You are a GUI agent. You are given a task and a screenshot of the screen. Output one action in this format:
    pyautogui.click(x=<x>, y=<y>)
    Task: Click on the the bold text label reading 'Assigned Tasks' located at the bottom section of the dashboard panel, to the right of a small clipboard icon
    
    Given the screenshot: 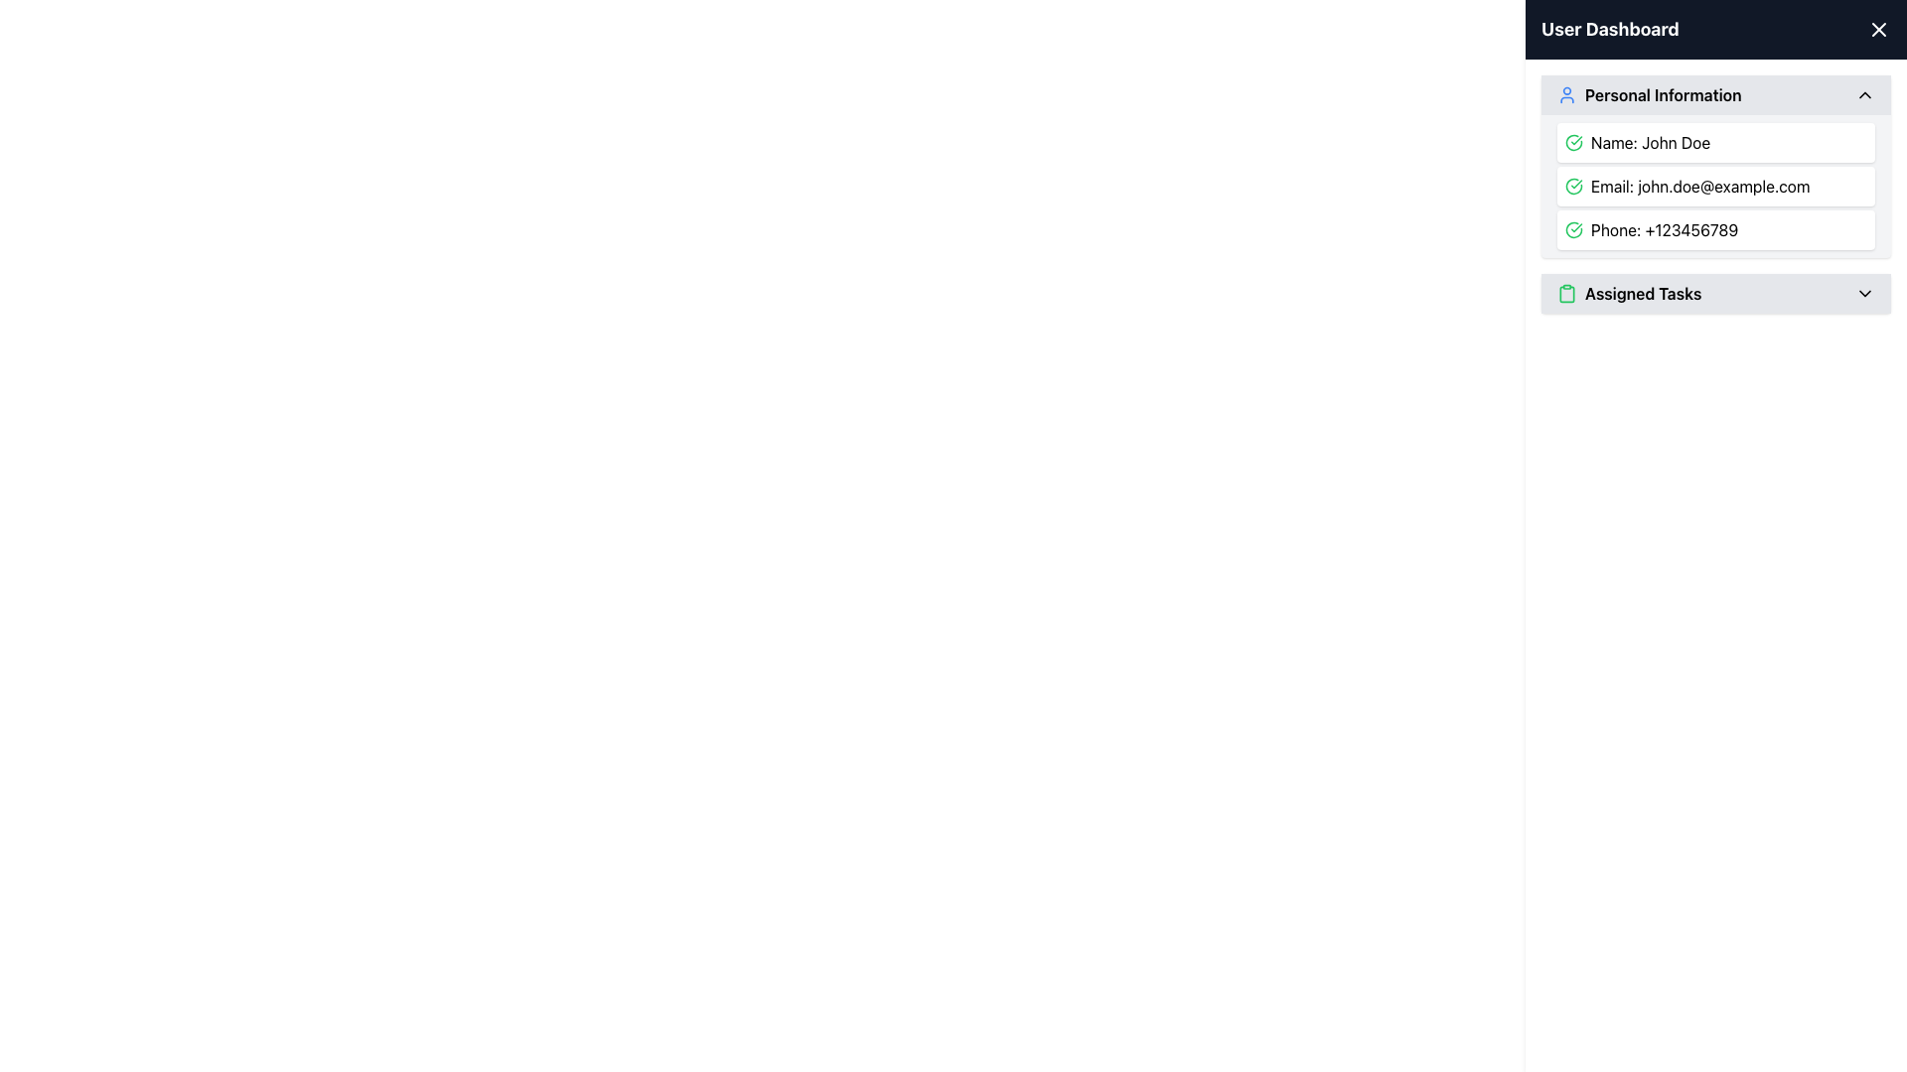 What is the action you would take?
    pyautogui.click(x=1643, y=294)
    